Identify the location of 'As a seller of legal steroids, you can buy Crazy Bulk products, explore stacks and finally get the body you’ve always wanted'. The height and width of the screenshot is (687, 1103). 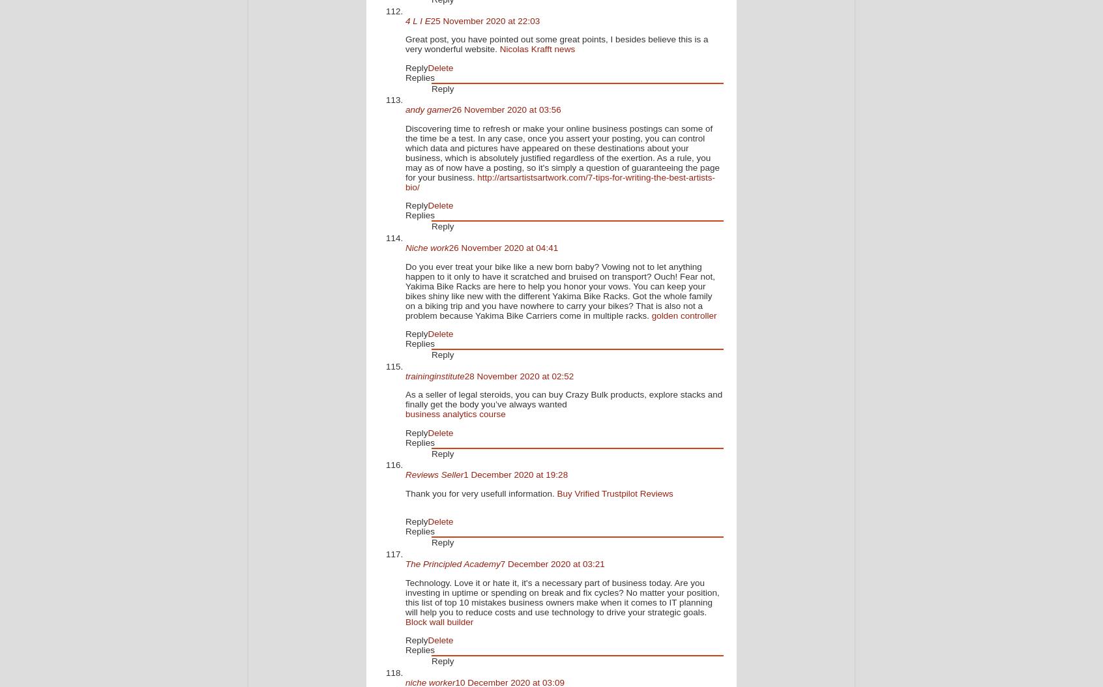
(404, 399).